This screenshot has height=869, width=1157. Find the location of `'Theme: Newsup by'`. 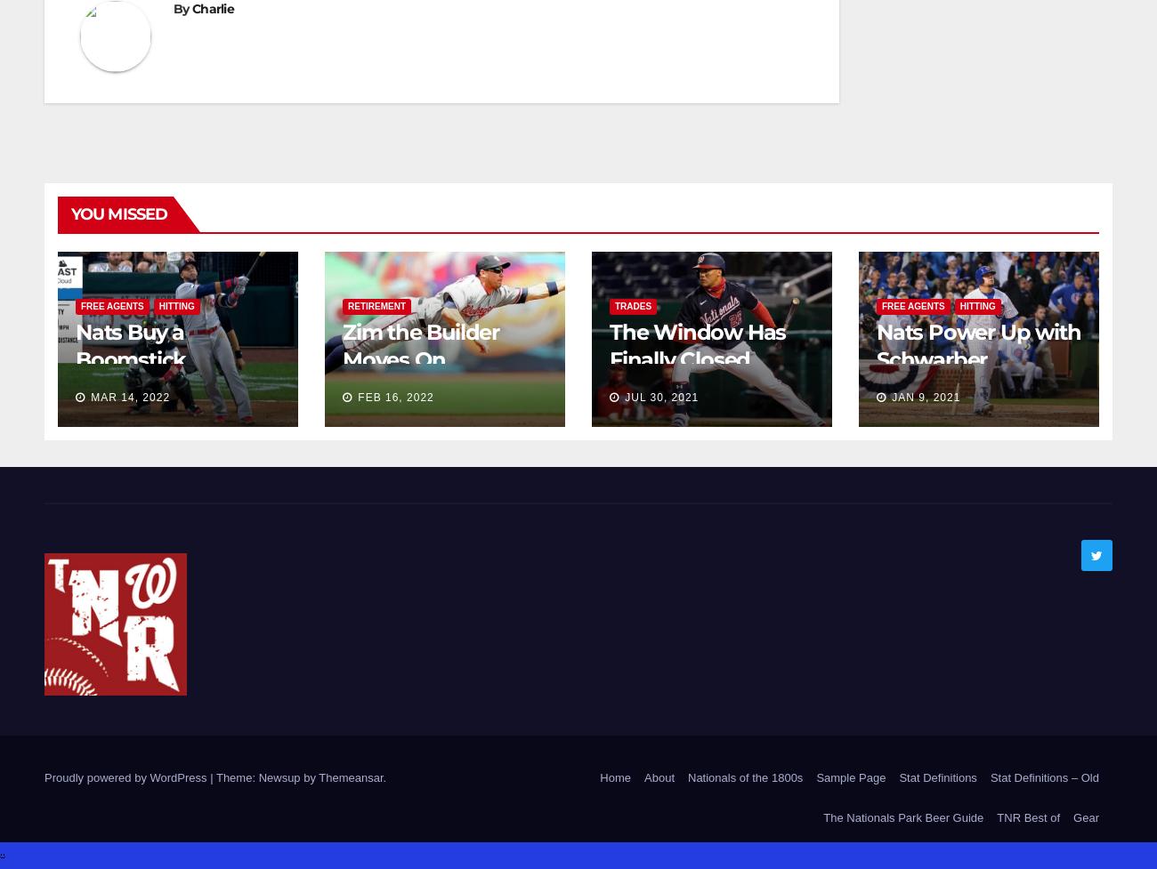

'Theme: Newsup by' is located at coordinates (267, 776).